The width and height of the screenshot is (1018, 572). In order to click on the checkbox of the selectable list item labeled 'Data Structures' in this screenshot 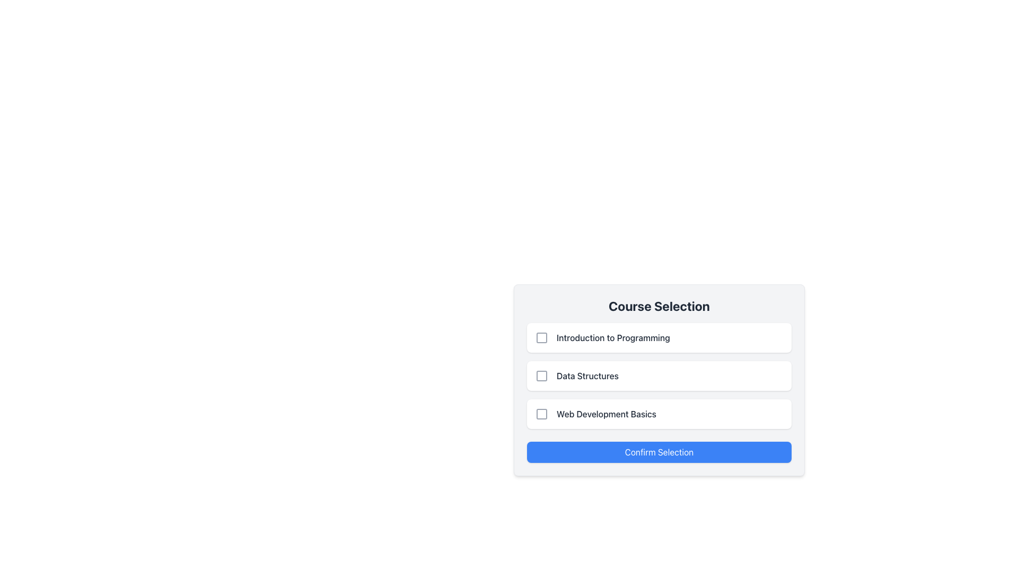, I will do `click(659, 379)`.